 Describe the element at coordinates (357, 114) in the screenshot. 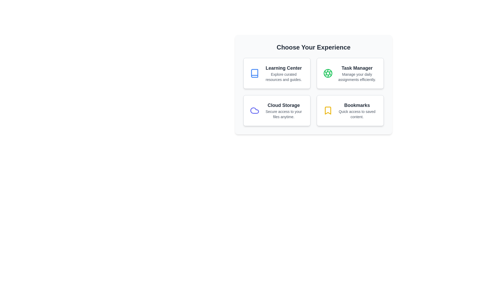

I see `the descriptive text element associated with the 'Bookmarks' feature, located in the bottom row of the 2x2 grid layout` at that location.